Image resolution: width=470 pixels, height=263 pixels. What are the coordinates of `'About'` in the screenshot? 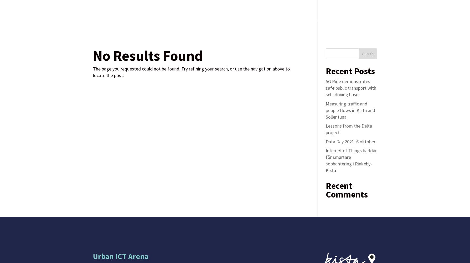 It's located at (345, 20).